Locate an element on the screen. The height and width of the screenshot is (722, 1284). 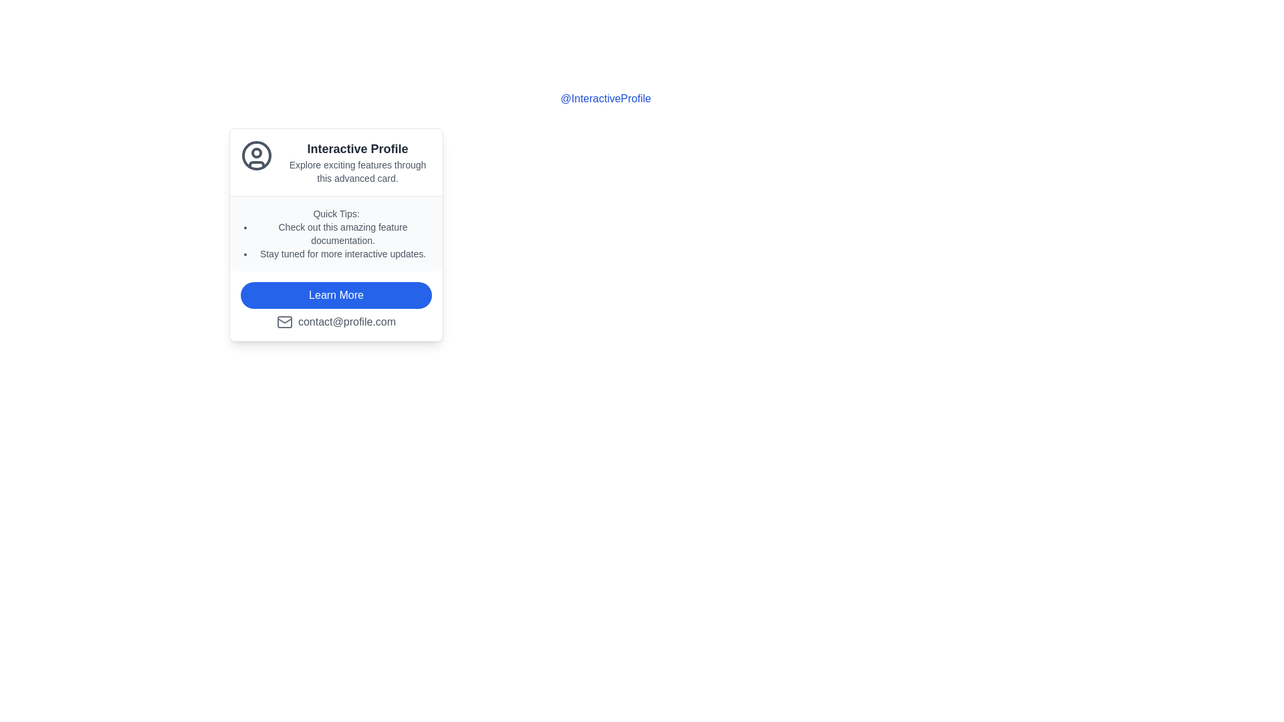
the informational section titled 'Quick Tips:' which contains a bulleted list of tips, located centrally within its card-style component is located at coordinates (336, 232).